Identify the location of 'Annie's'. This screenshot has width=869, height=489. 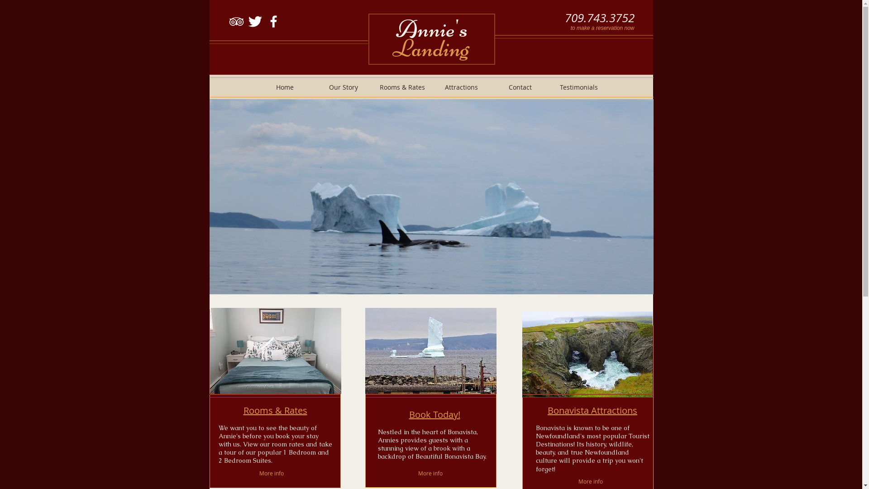
(431, 28).